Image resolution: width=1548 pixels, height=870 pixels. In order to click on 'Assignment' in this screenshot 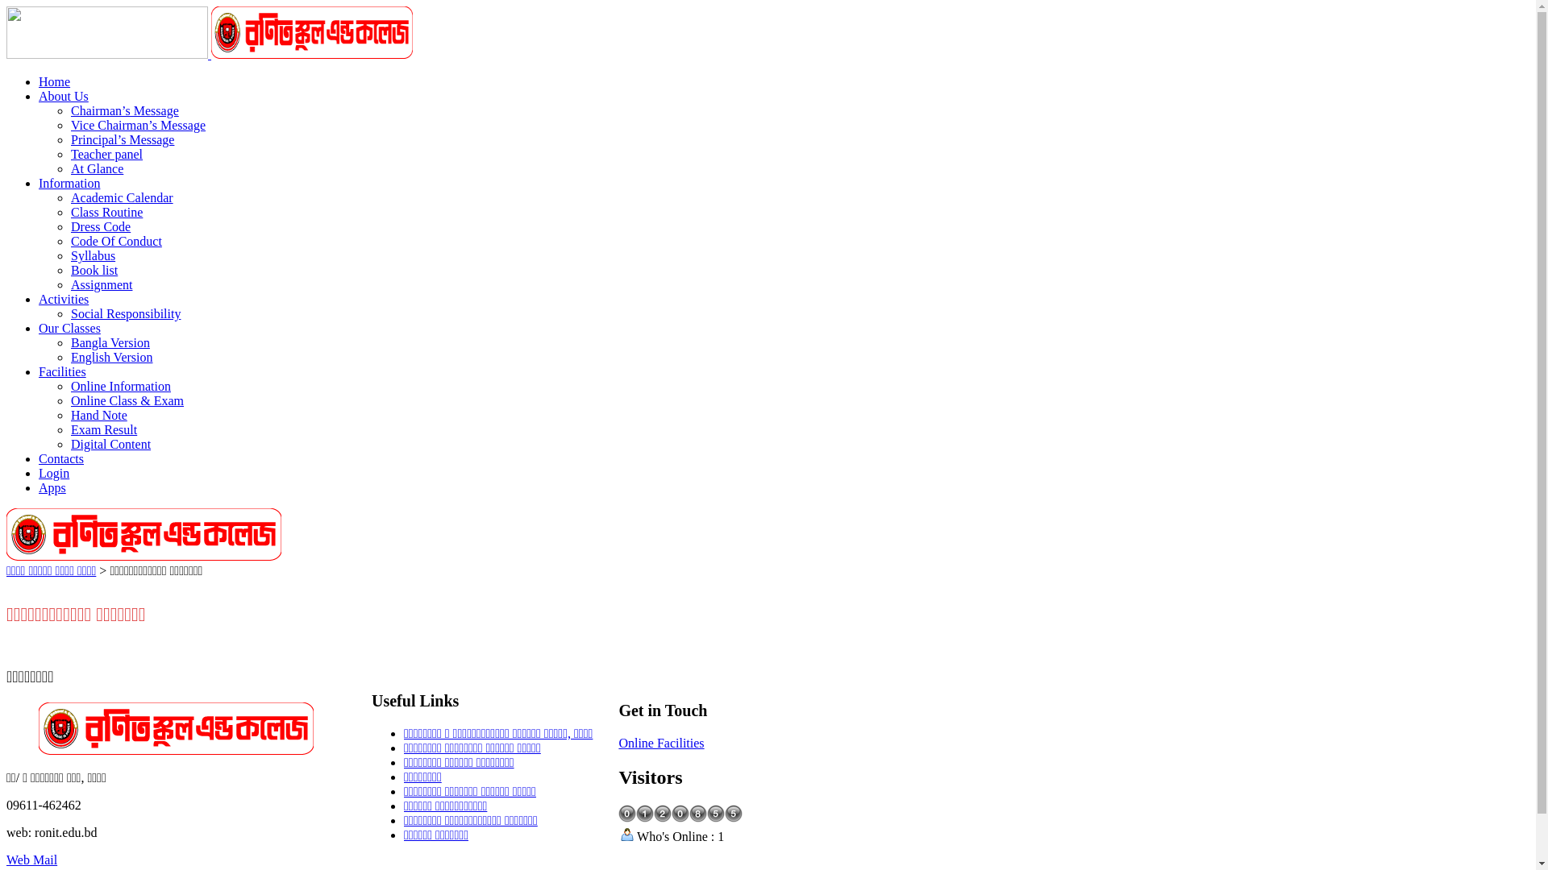, I will do `click(100, 284)`.